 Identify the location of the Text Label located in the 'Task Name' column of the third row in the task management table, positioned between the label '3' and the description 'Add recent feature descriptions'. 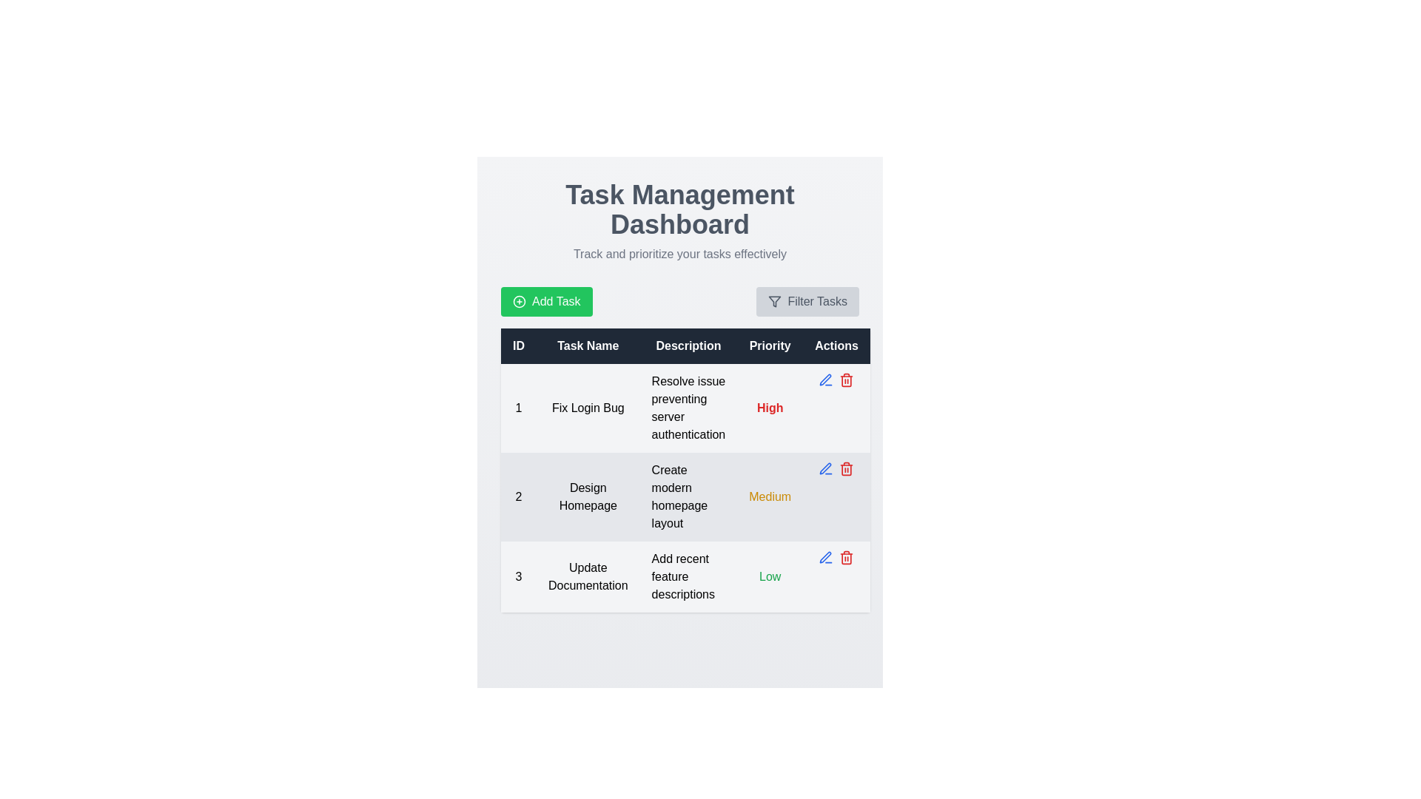
(587, 576).